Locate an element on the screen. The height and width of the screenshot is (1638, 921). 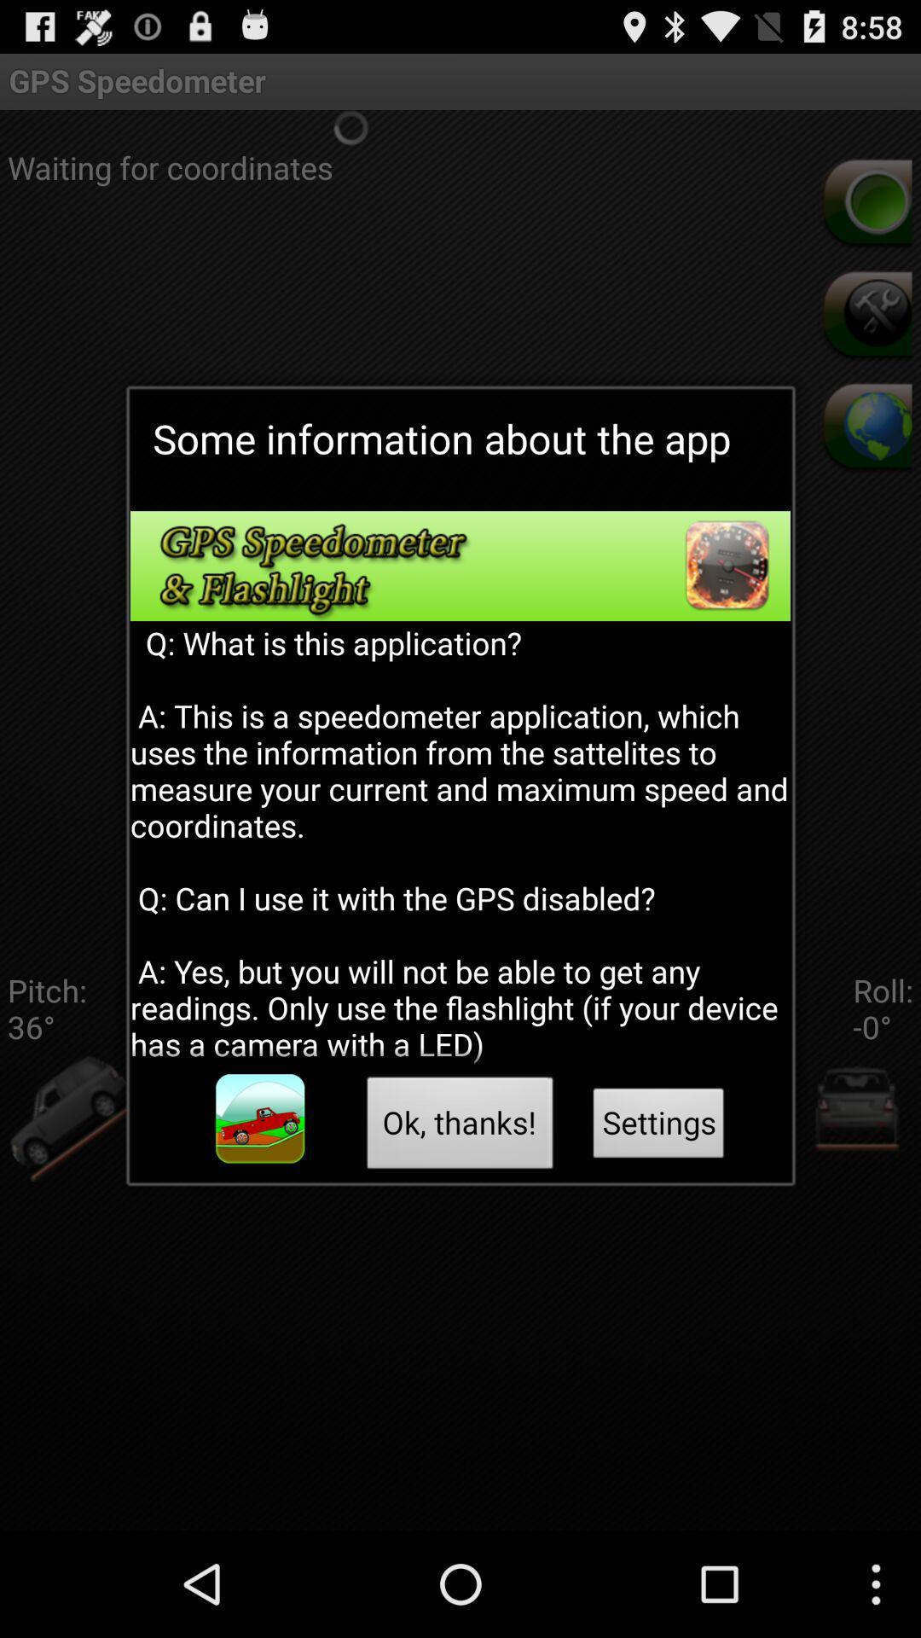
car games is located at coordinates (260, 1118).